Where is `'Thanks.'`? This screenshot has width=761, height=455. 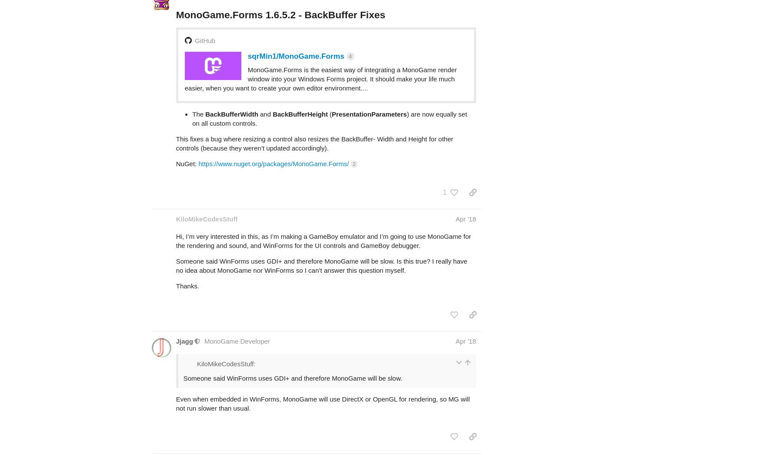 'Thanks.' is located at coordinates (187, 251).